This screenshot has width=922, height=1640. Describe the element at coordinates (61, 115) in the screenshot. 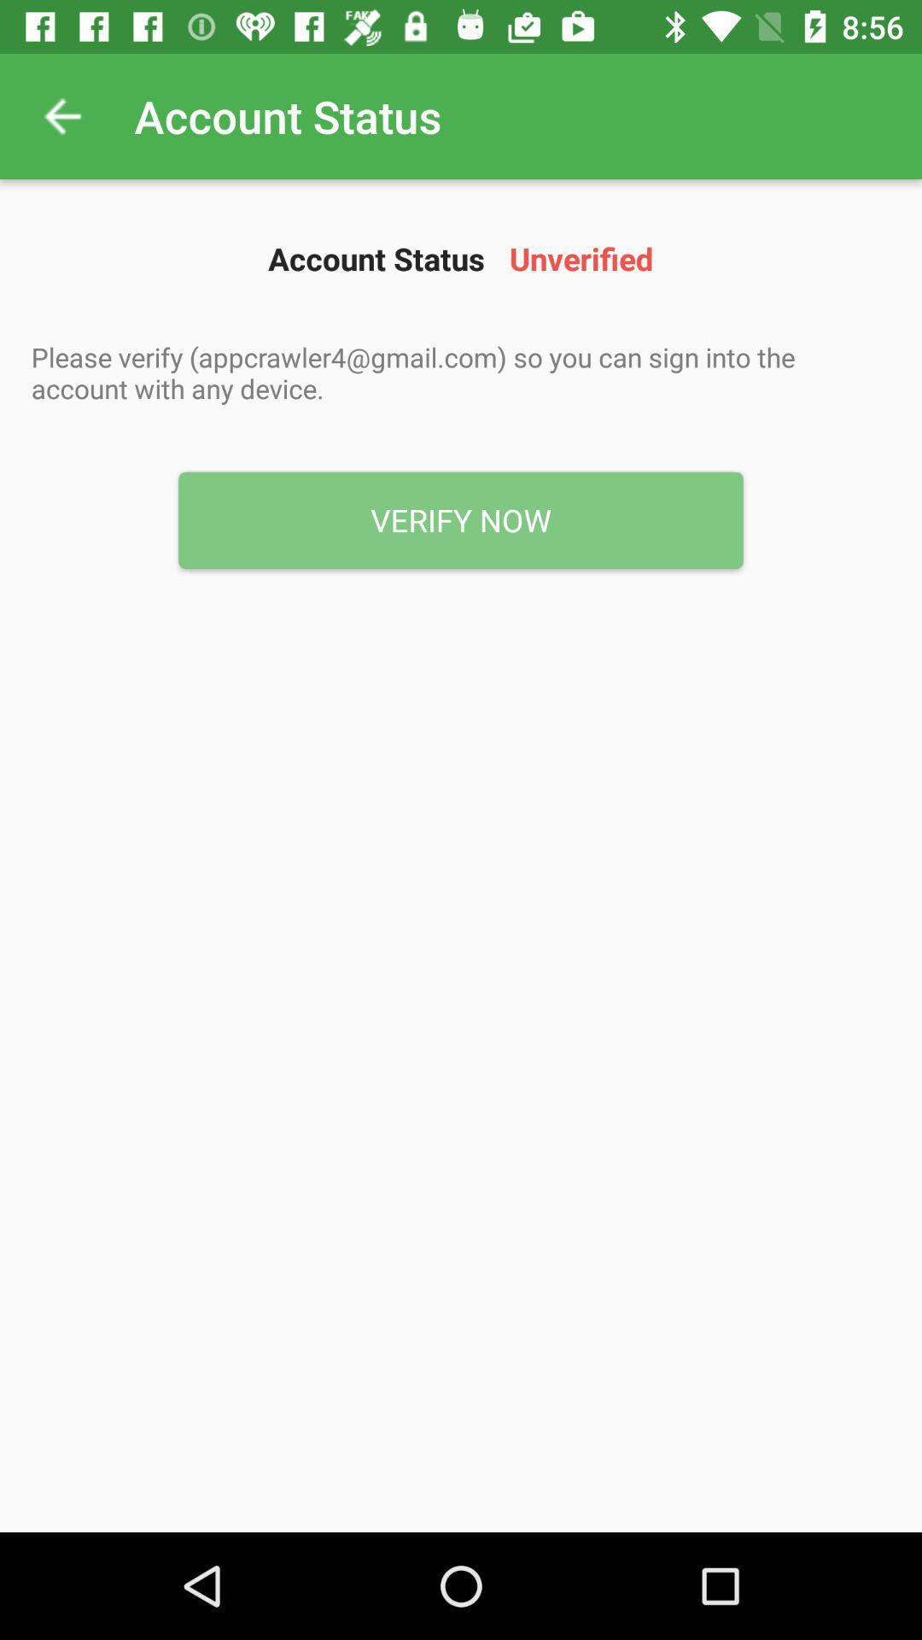

I see `icon next to account status icon` at that location.